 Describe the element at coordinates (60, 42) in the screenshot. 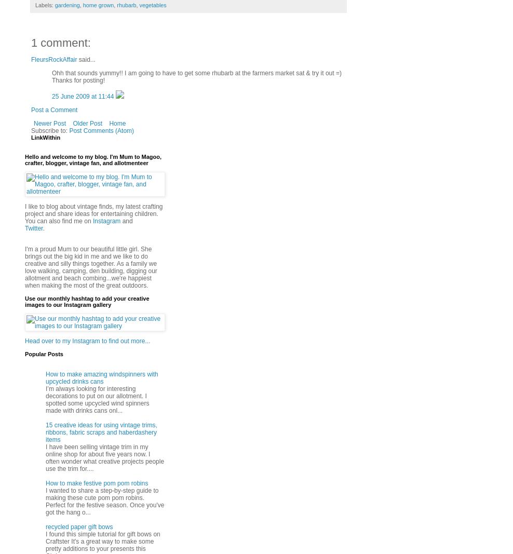

I see `'1 comment:'` at that location.